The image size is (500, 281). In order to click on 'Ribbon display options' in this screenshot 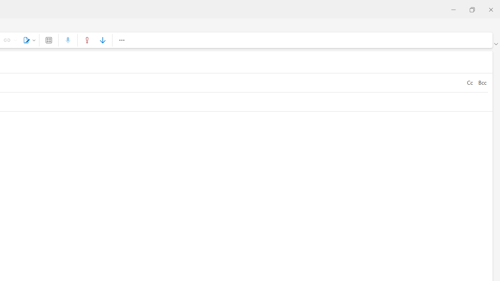, I will do `click(495, 44)`.